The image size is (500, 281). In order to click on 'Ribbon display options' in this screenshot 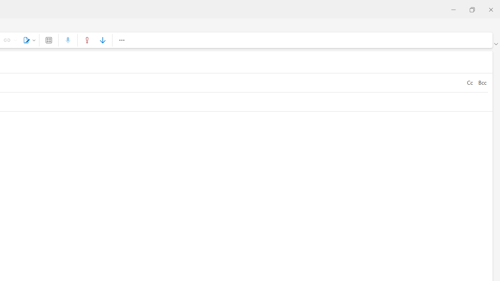, I will do `click(495, 44)`.